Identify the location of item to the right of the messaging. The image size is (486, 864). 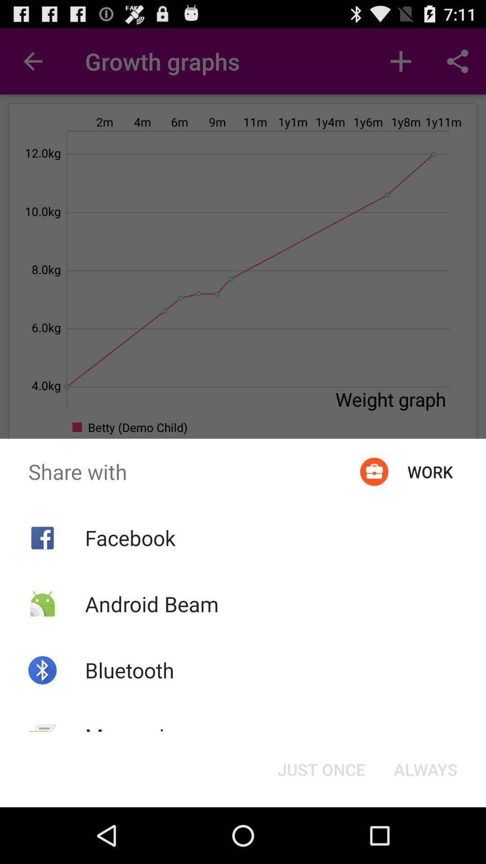
(321, 769).